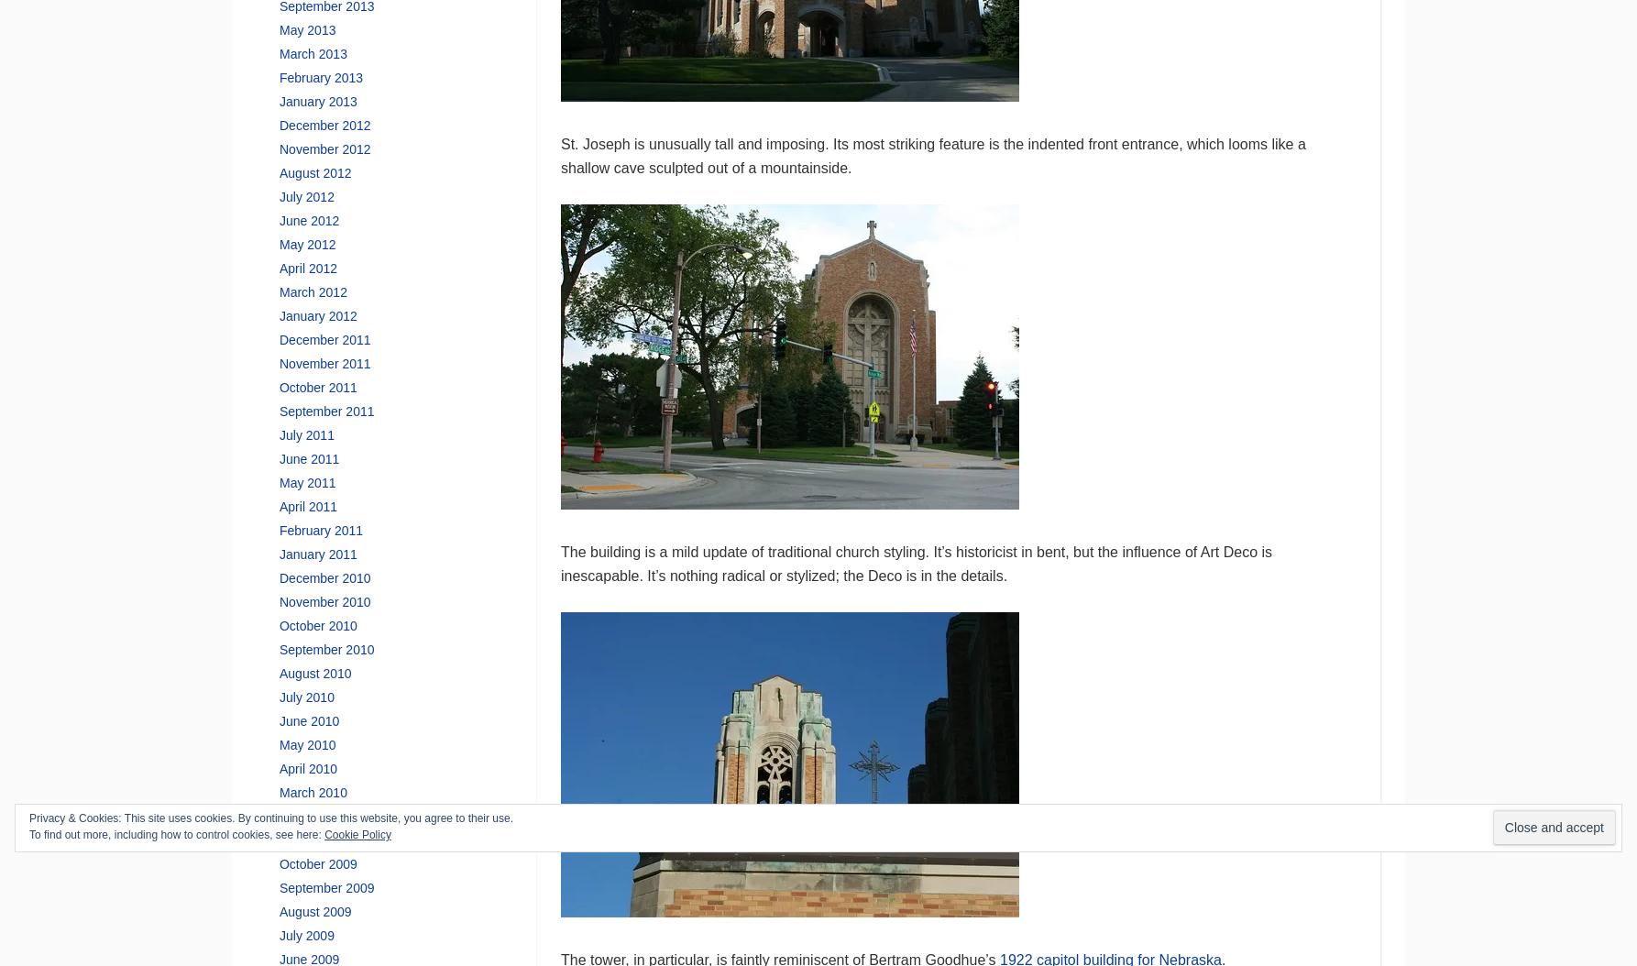 This screenshot has width=1637, height=966. I want to click on 'May 2010', so click(307, 743).